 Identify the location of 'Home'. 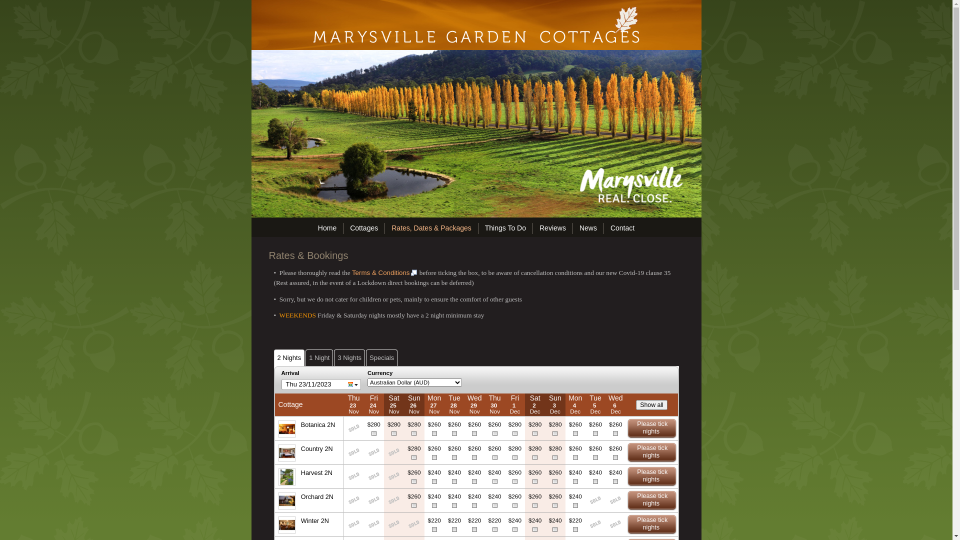
(327, 227).